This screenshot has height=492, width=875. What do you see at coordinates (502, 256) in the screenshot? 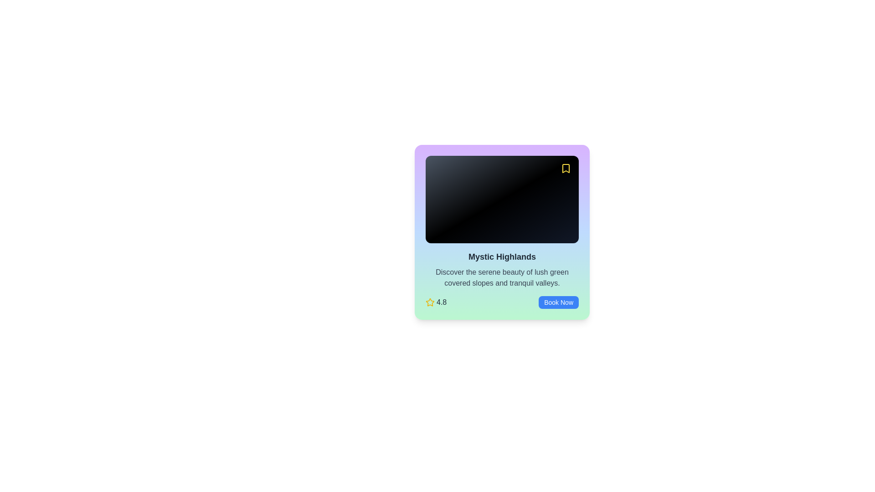
I see `text element 'Mystic Highlands' which is a bold headline displayed in dark gray color, centered within a card layout, positioned below an image and above a descriptive paragraph` at bounding box center [502, 256].